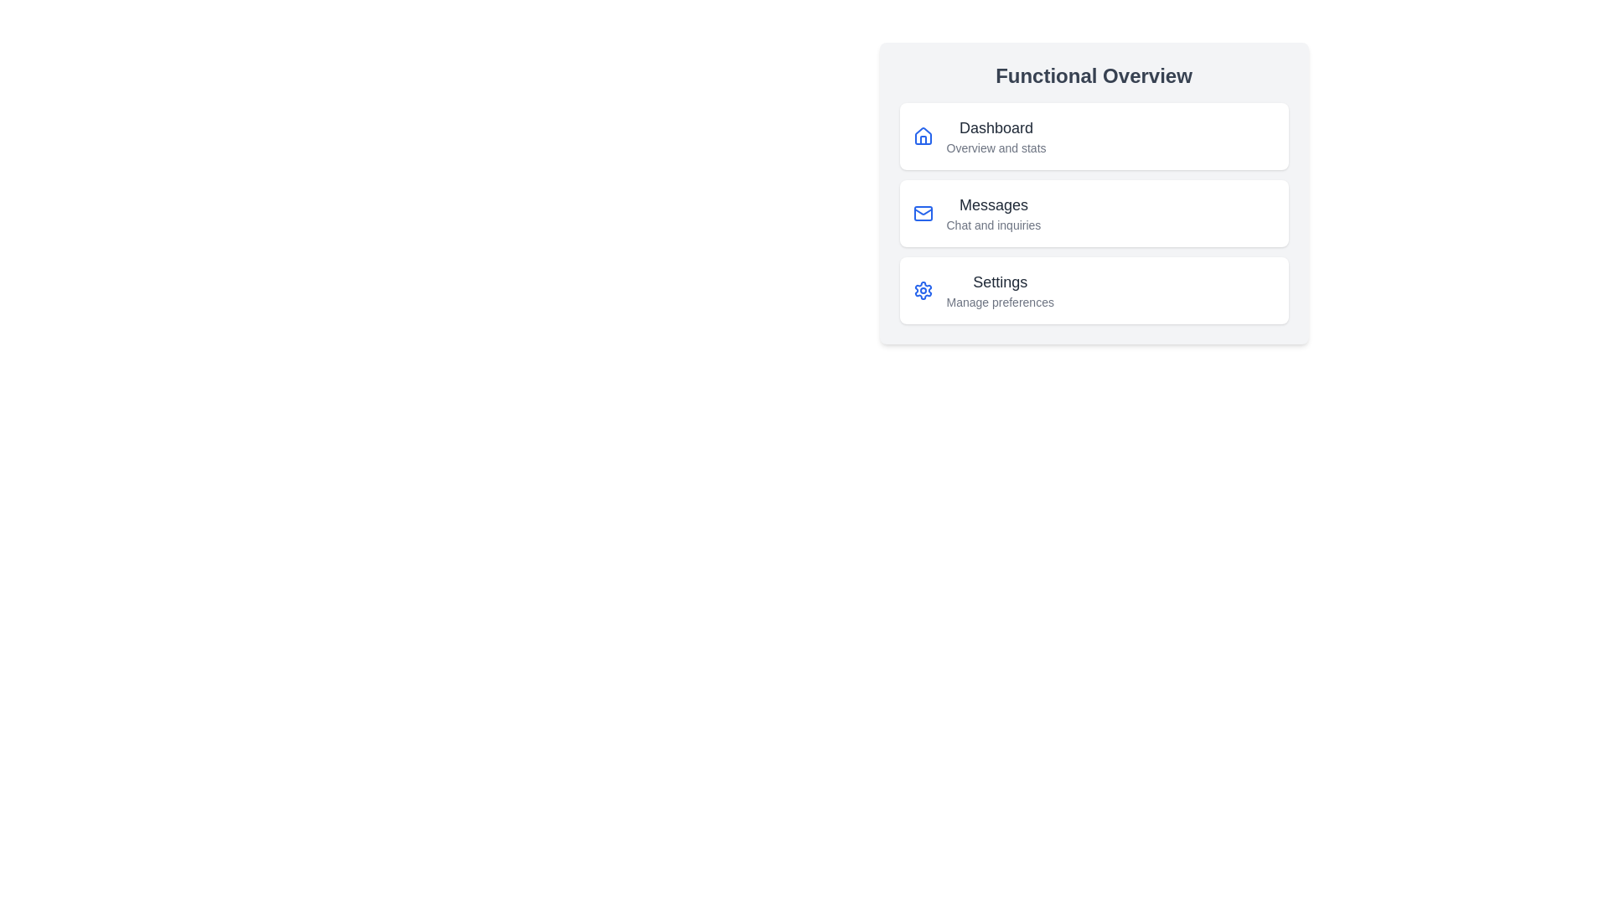  I want to click on the text label located below the 'Messages' title within the second card of the 'Functional Overview' menu, so click(993, 225).